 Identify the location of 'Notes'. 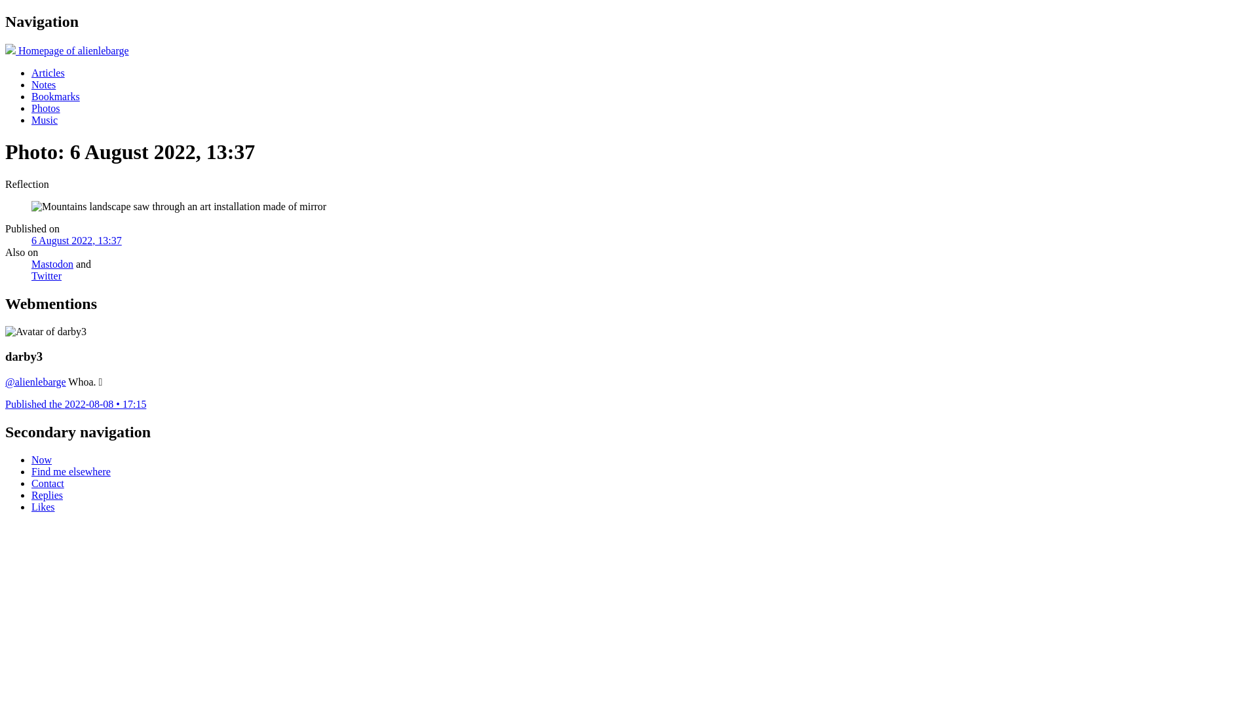
(31, 84).